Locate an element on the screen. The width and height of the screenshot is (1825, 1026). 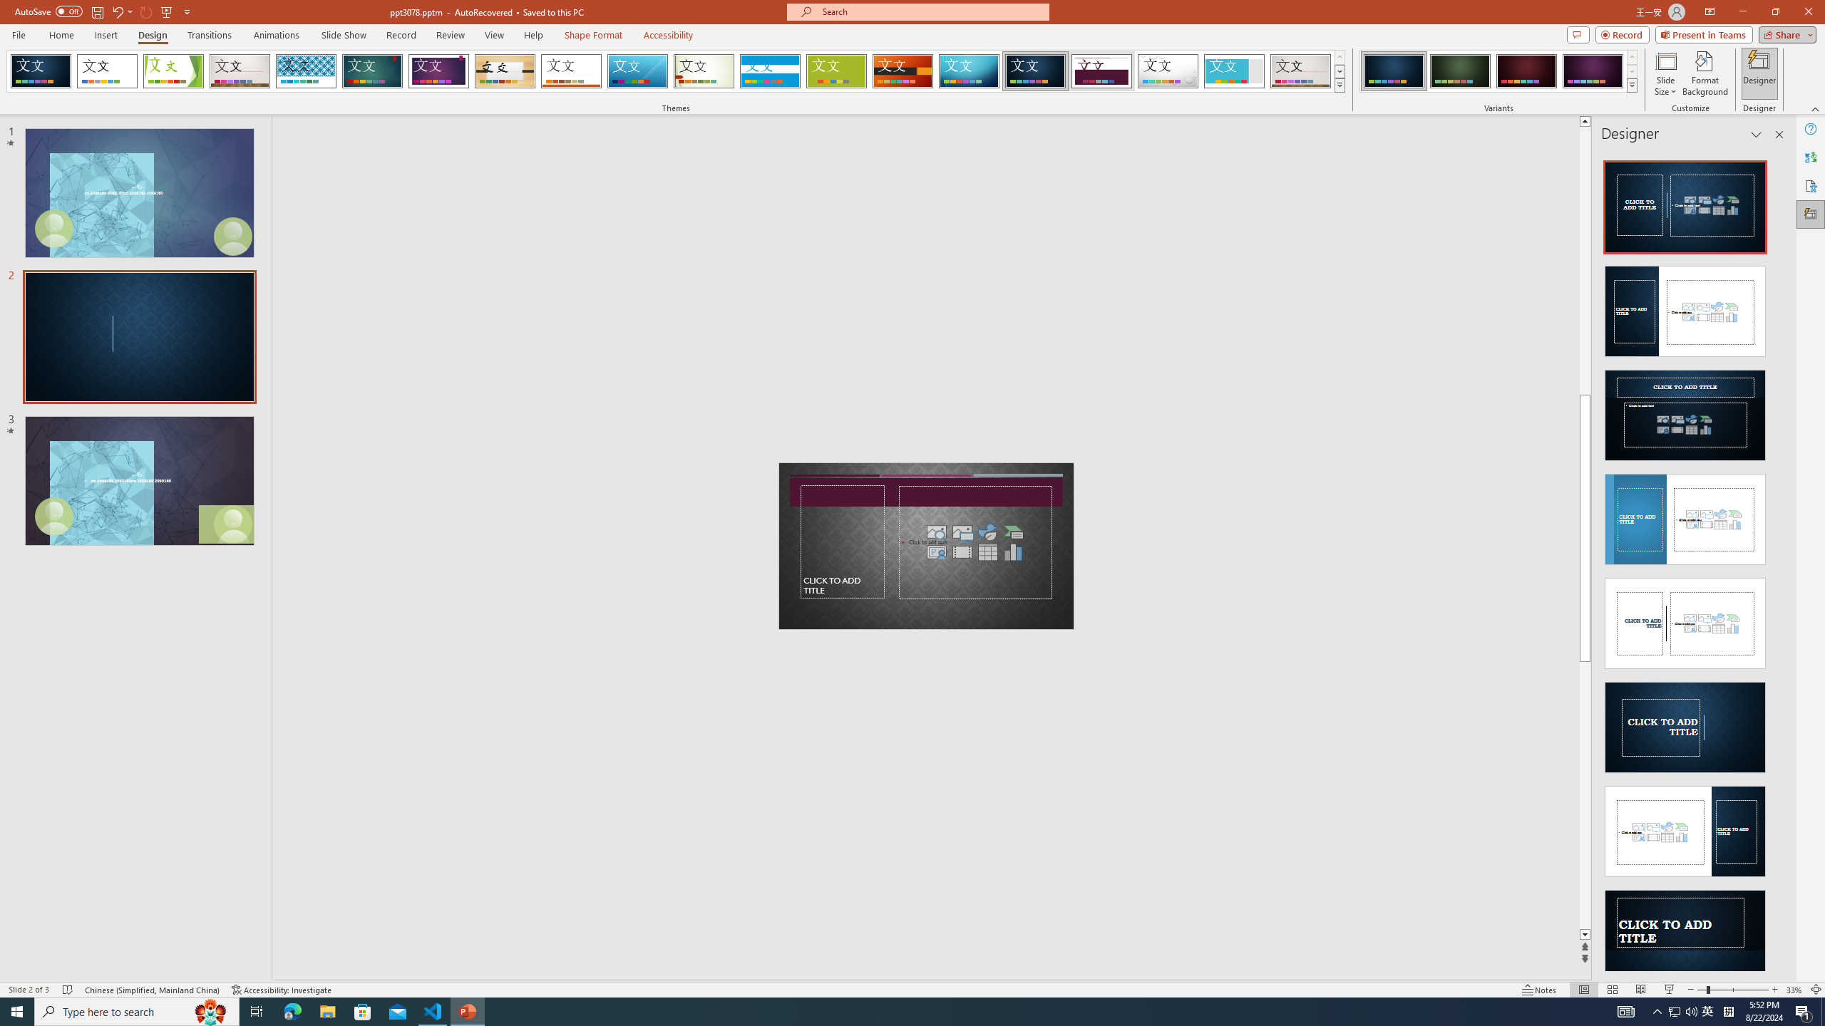
'Page up' is located at coordinates (1584, 259).